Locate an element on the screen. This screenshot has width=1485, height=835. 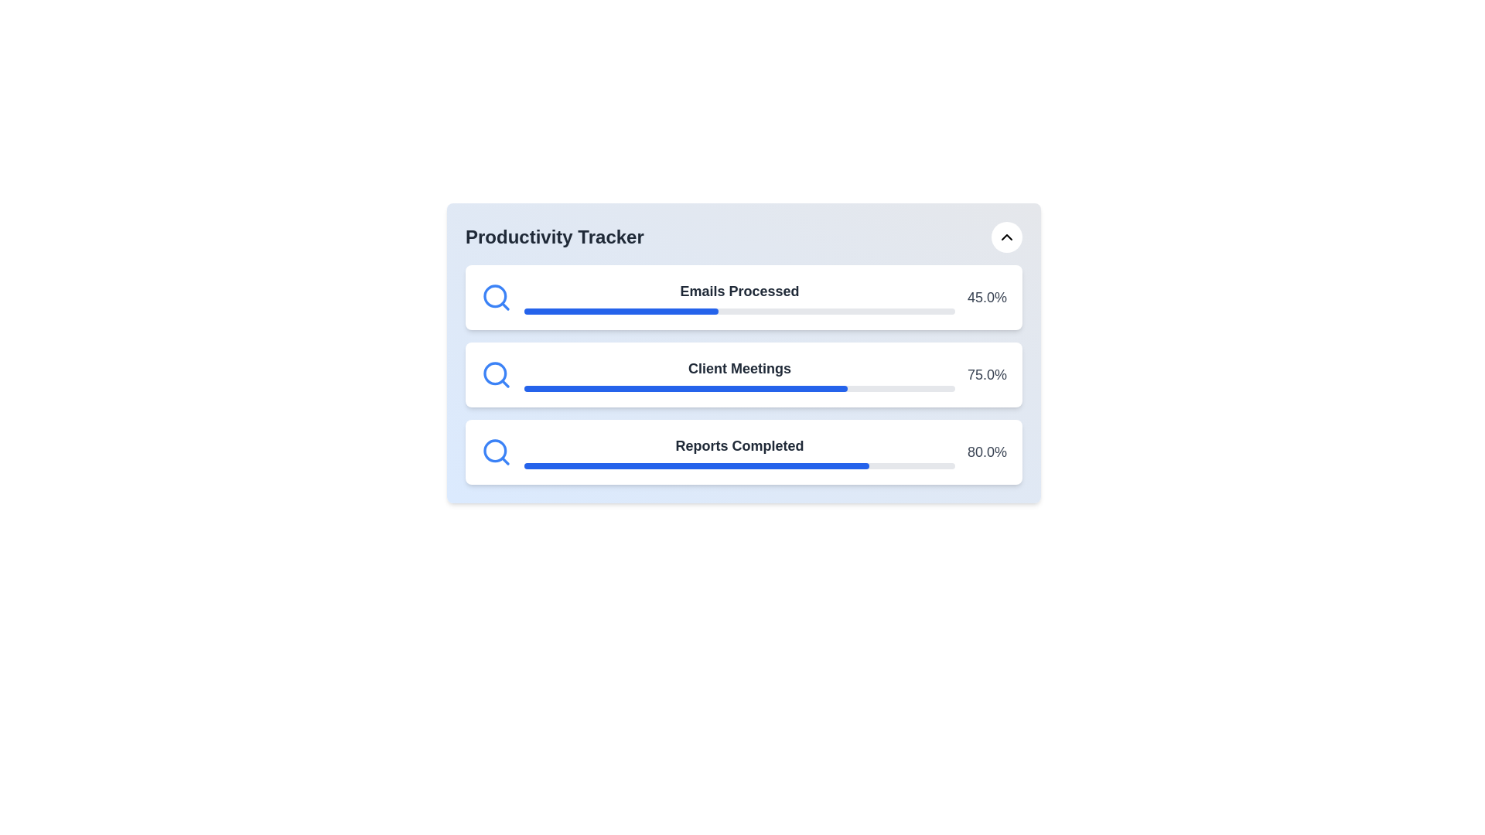
progress bar indicating 45% completion of 'Emails Processed' for its style or value is located at coordinates (621, 311).